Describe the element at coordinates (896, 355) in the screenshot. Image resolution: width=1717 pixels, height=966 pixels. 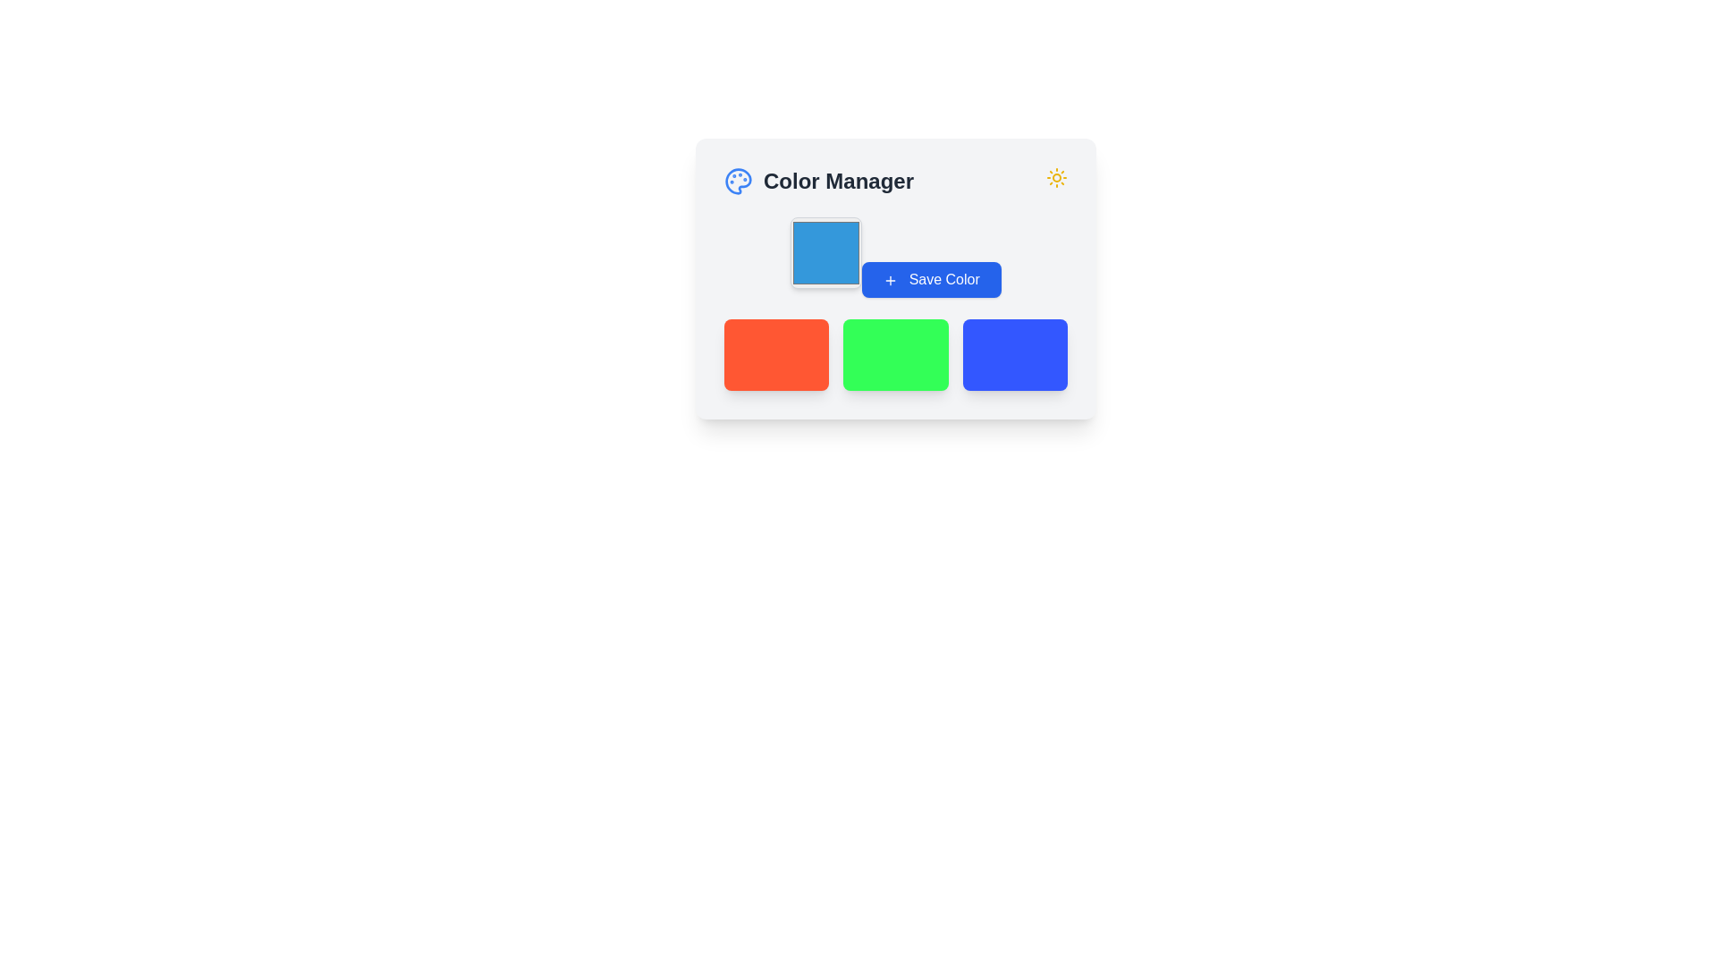
I see `the middle box in the 3-column grid layout that serves as an indicator for the 'Color Manager' theme` at that location.